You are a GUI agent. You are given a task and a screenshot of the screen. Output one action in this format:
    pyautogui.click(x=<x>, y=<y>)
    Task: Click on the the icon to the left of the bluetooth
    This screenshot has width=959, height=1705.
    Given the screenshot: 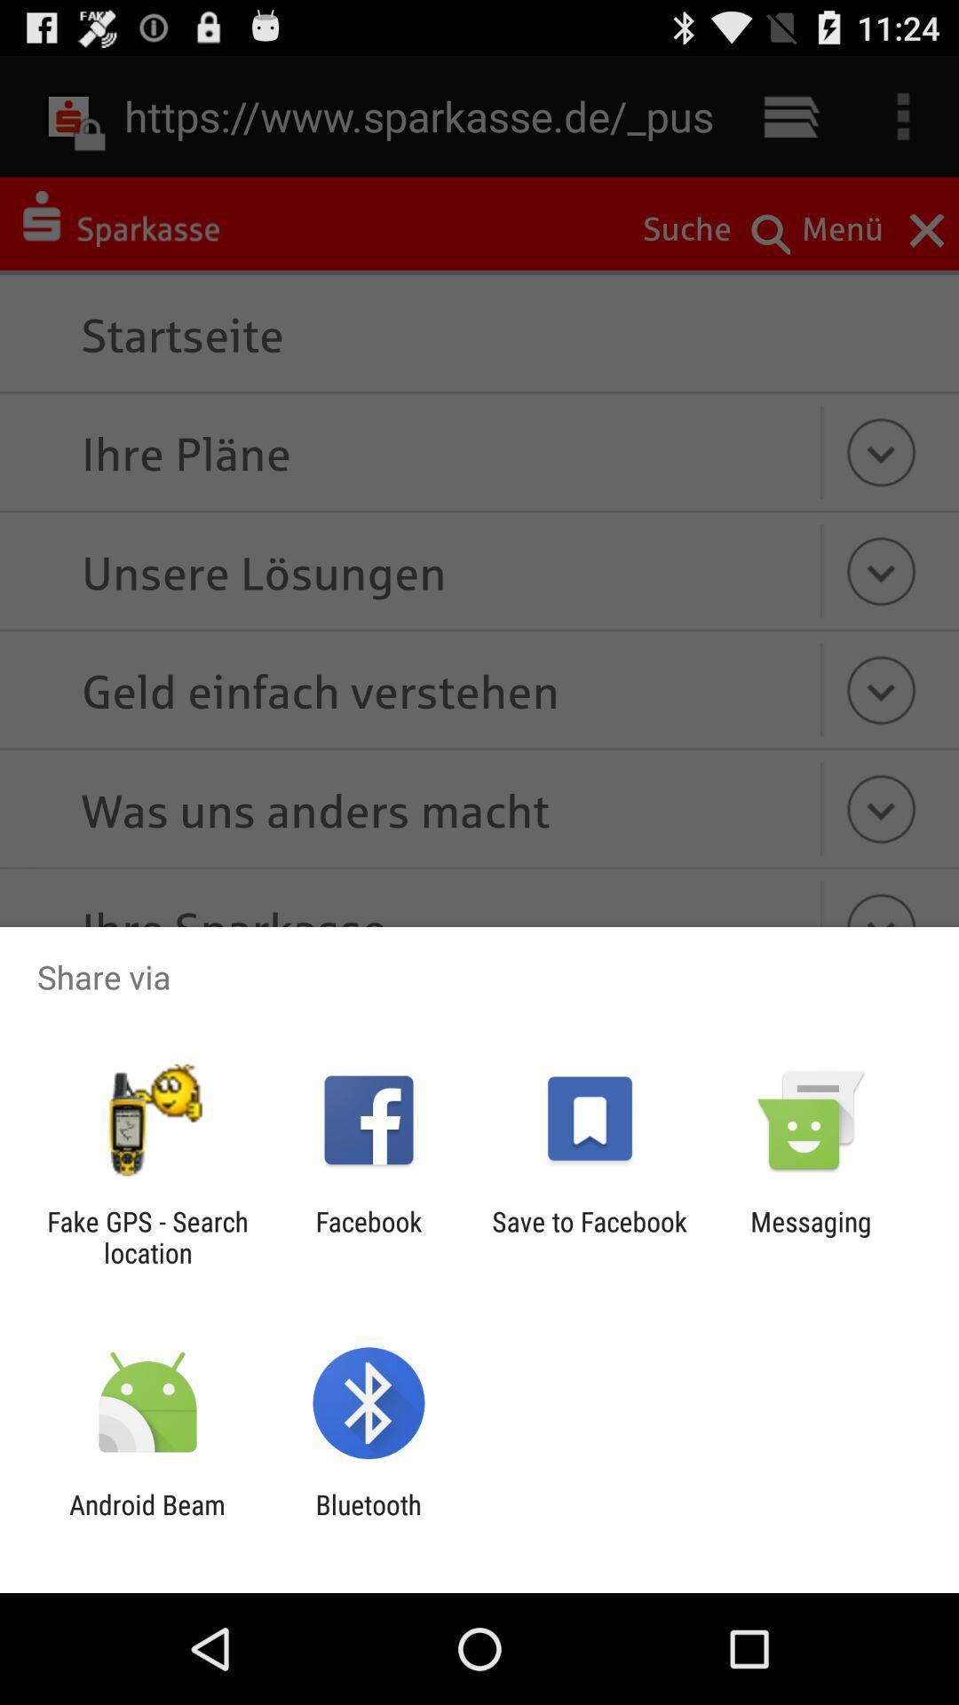 What is the action you would take?
    pyautogui.click(x=147, y=1519)
    